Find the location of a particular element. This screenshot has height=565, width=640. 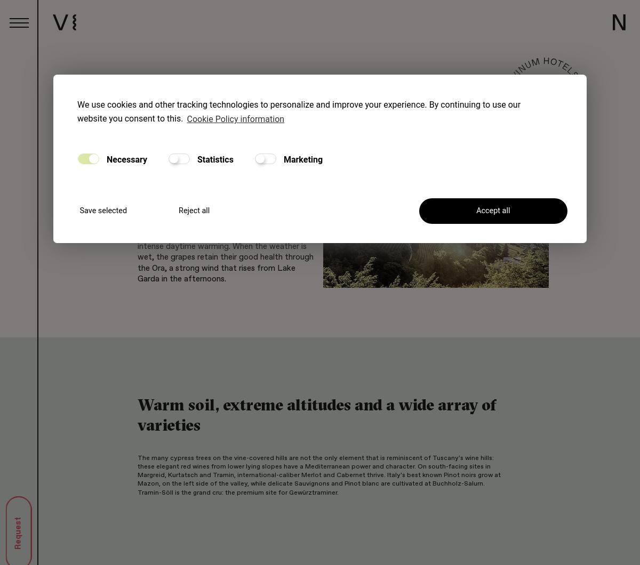

'The many cypress trees on the vine-covered hills are not the only element that is reminiscent of Tuscany's wine hills: these elegant red wines from lower lying slopes have a Mediterranean power and character. On south-facing sites in Margreid, Kurtatsch and Tramin, international-caliber Merlot and Cabernet thrive. Italy's best known Pinot noirs grow at Mazon, on the left side of the valley, while delicate Sauvignons and Pinot blanc are cultivated at Buchholz-Salurn. Tramin-Söll is the grand cru: the premium site for Gewürztraminer.' is located at coordinates (318, 475).